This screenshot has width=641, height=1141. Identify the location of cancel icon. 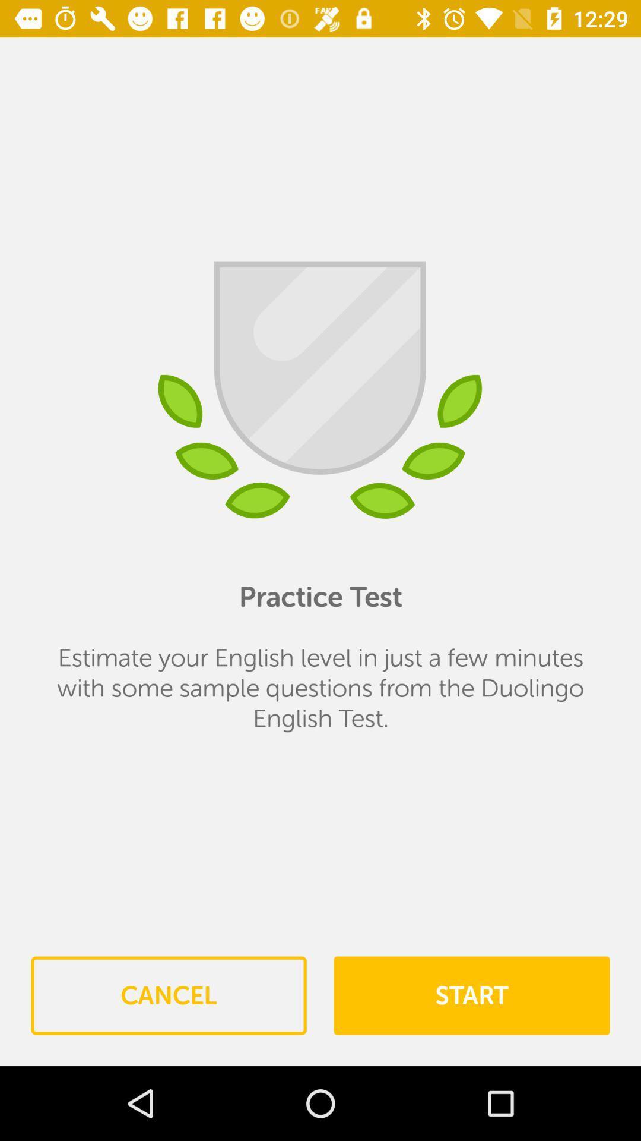
(169, 995).